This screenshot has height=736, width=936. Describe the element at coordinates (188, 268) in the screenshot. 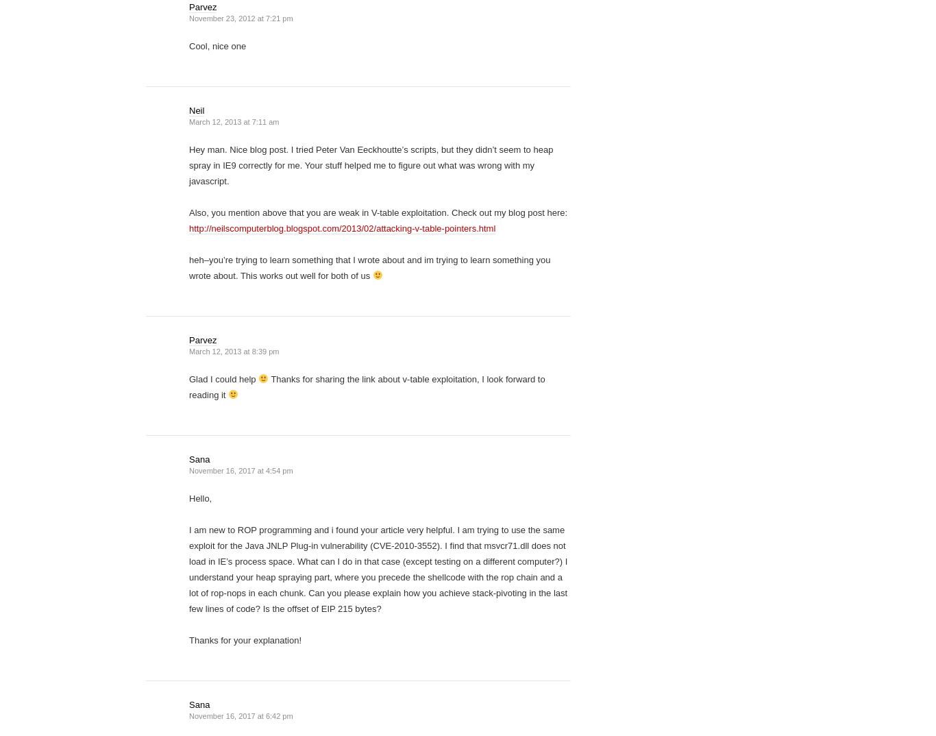

I see `'heh–you’re trying to learn something that I wrote about and im trying to learn something you wrote about. This works out well for both of us'` at that location.